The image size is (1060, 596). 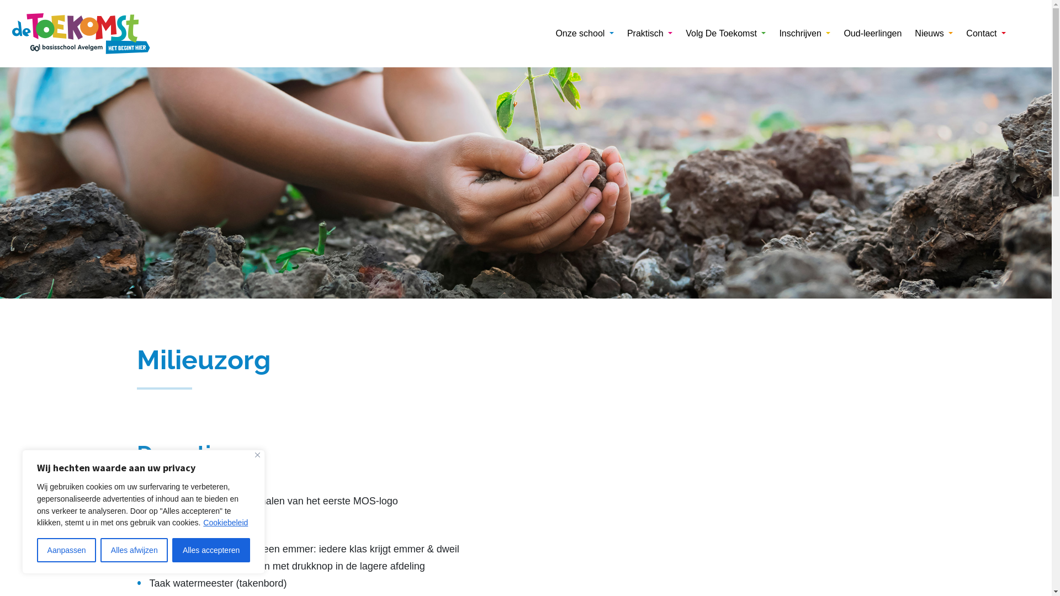 I want to click on 'Alles afwijzen', so click(x=134, y=550).